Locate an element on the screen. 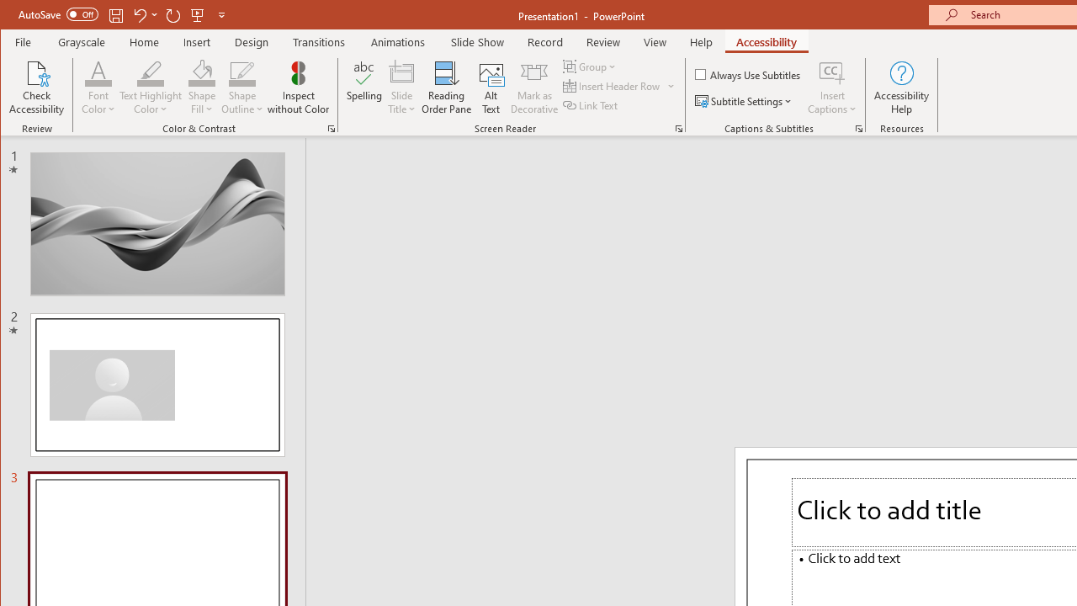  'Font Color' is located at coordinates (98, 72).